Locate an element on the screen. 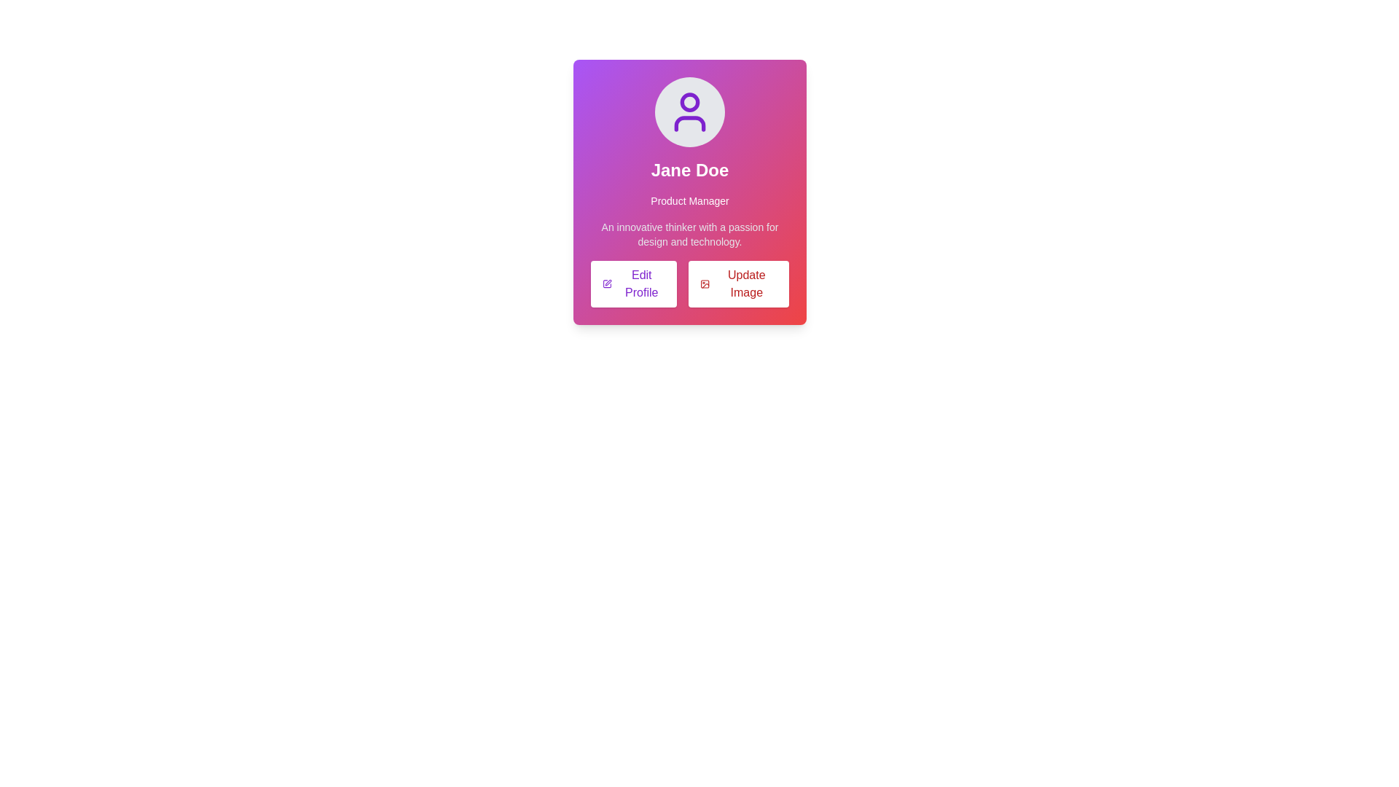 The width and height of the screenshot is (1399, 787). the 'Product Manager' text label located beneath the 'Jane Doe' header in the profile card is located at coordinates (689, 201).